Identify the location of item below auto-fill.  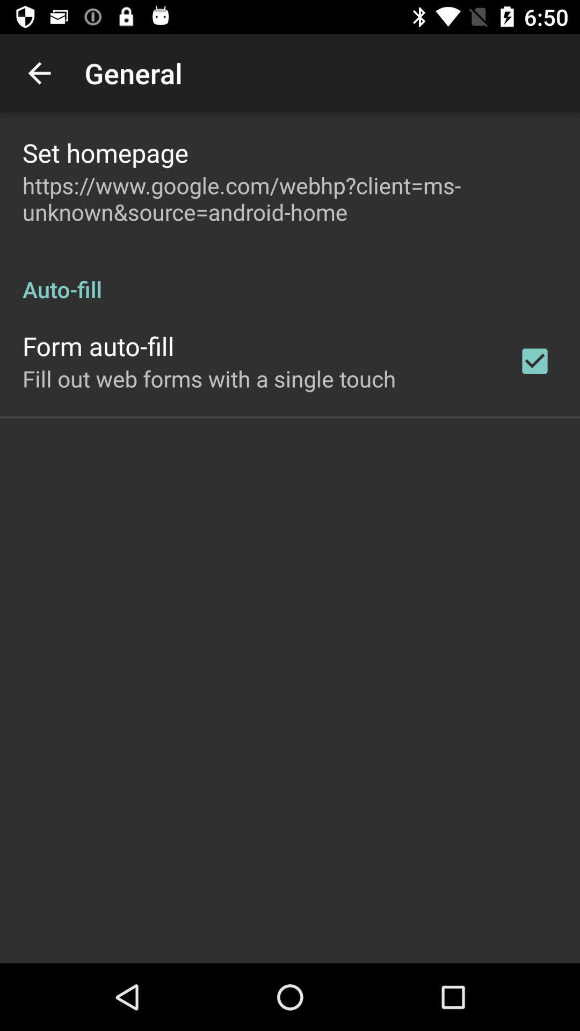
(534, 361).